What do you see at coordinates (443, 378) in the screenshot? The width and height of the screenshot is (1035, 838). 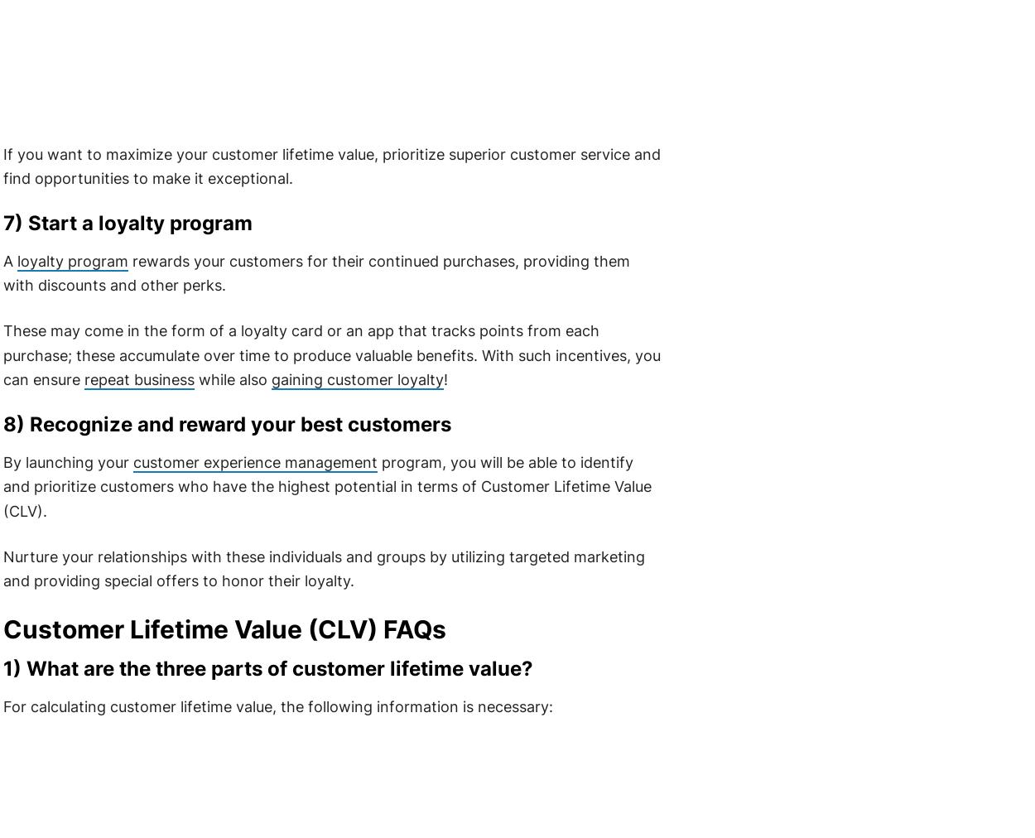 I see `'!'` at bounding box center [443, 378].